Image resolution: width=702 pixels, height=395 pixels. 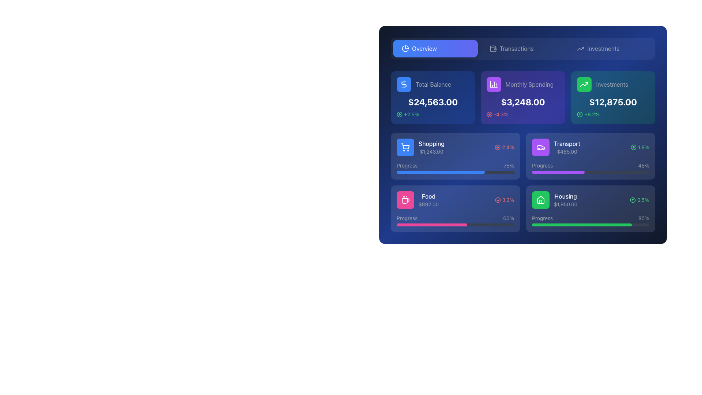 I want to click on text label displaying '-4.3%' in red, located next to the downward-pointing arrow icon within the 'Monthly Spending' card, so click(x=501, y=114).